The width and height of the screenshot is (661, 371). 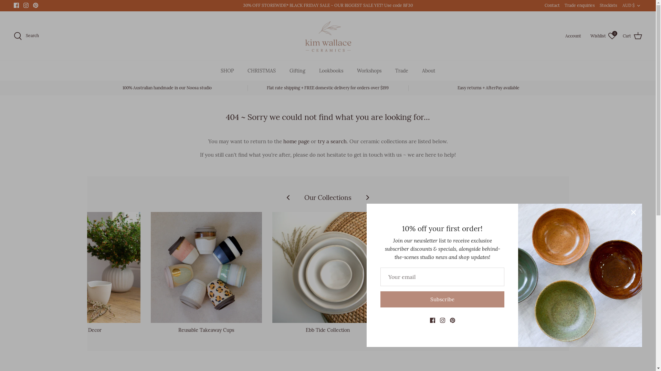 I want to click on 'Instagram', so click(x=23, y=5).